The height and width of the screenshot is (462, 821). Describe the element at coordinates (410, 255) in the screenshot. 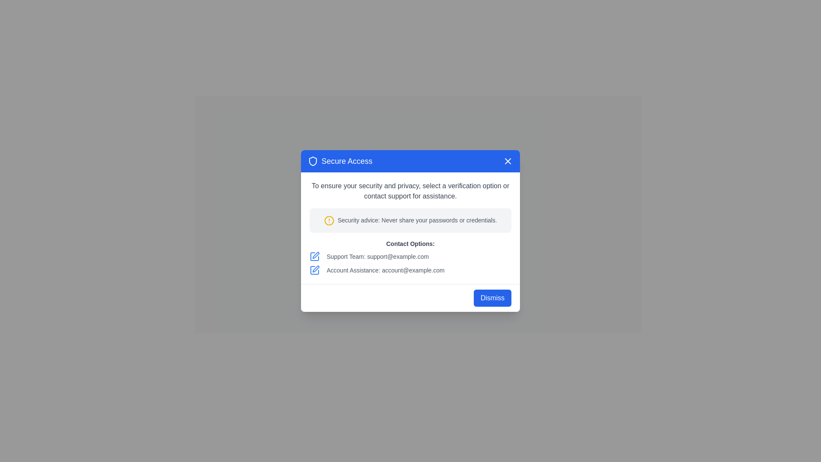

I see `the informational text element providing contact information for the support team, which is located under the heading 'Contact Options:' and aligned with the blue pen icon` at that location.